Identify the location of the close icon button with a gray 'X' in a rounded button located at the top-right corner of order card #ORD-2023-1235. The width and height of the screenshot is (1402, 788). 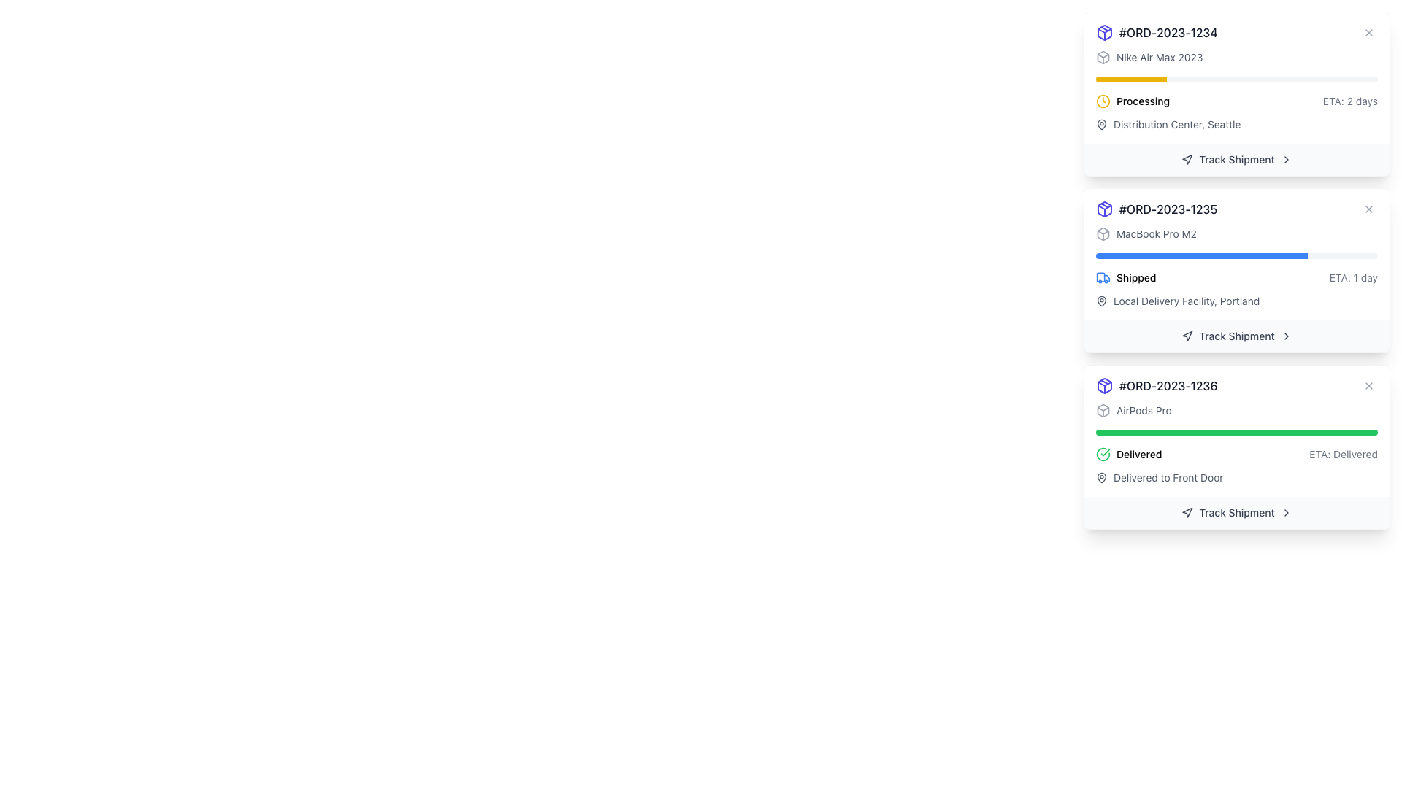
(1368, 209).